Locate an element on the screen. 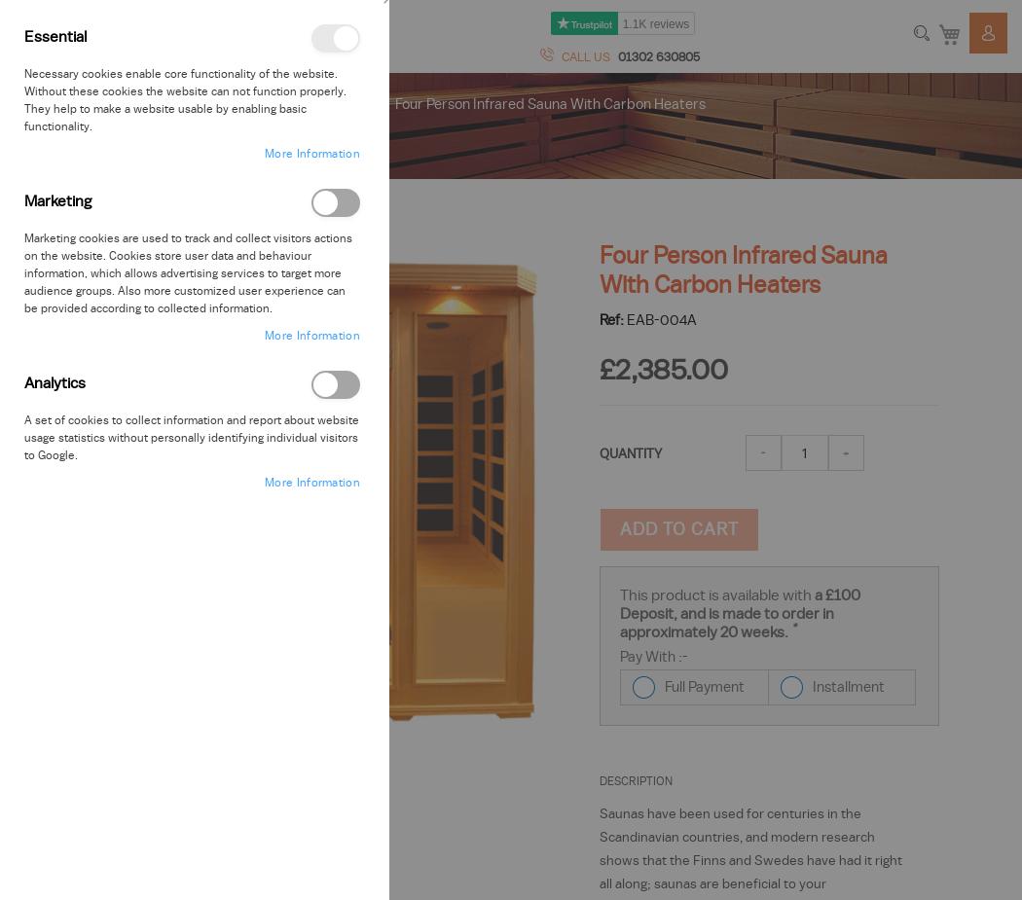 The image size is (1022, 900). 'Login' is located at coordinates (968, 177).